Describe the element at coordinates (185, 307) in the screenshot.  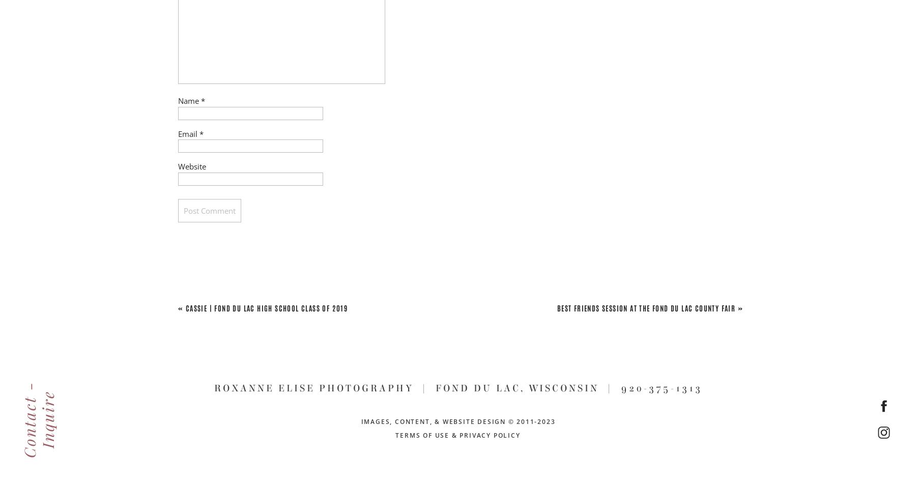
I see `'Cassie | Fond du Lac High School Class of 2019'` at that location.